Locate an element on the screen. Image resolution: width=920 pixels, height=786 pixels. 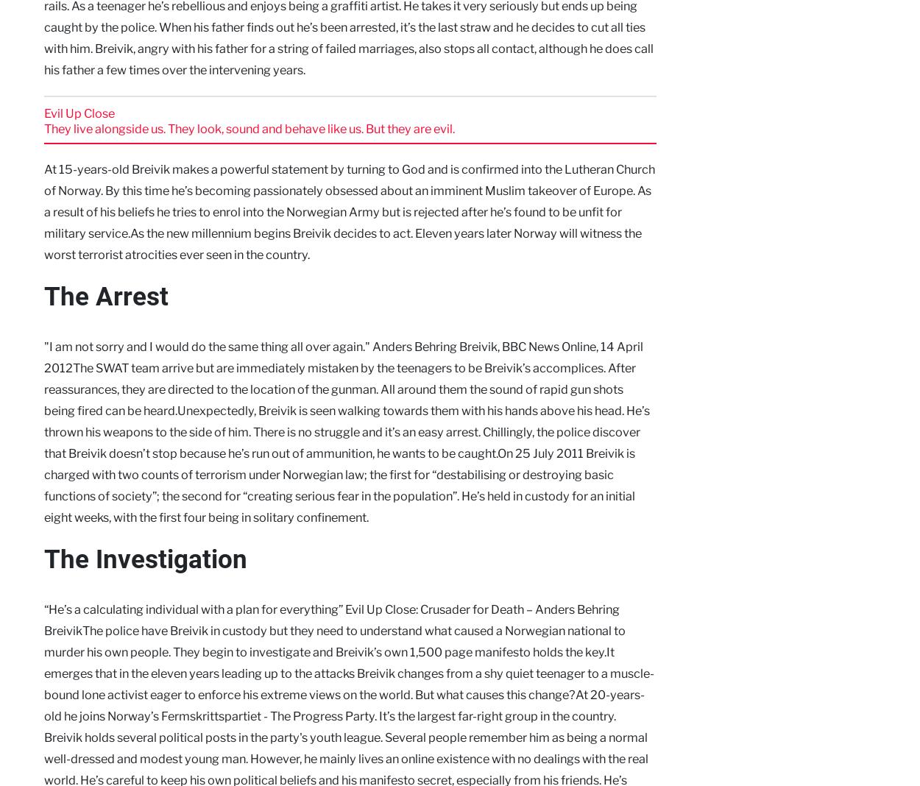
'.' is located at coordinates (736, 690).